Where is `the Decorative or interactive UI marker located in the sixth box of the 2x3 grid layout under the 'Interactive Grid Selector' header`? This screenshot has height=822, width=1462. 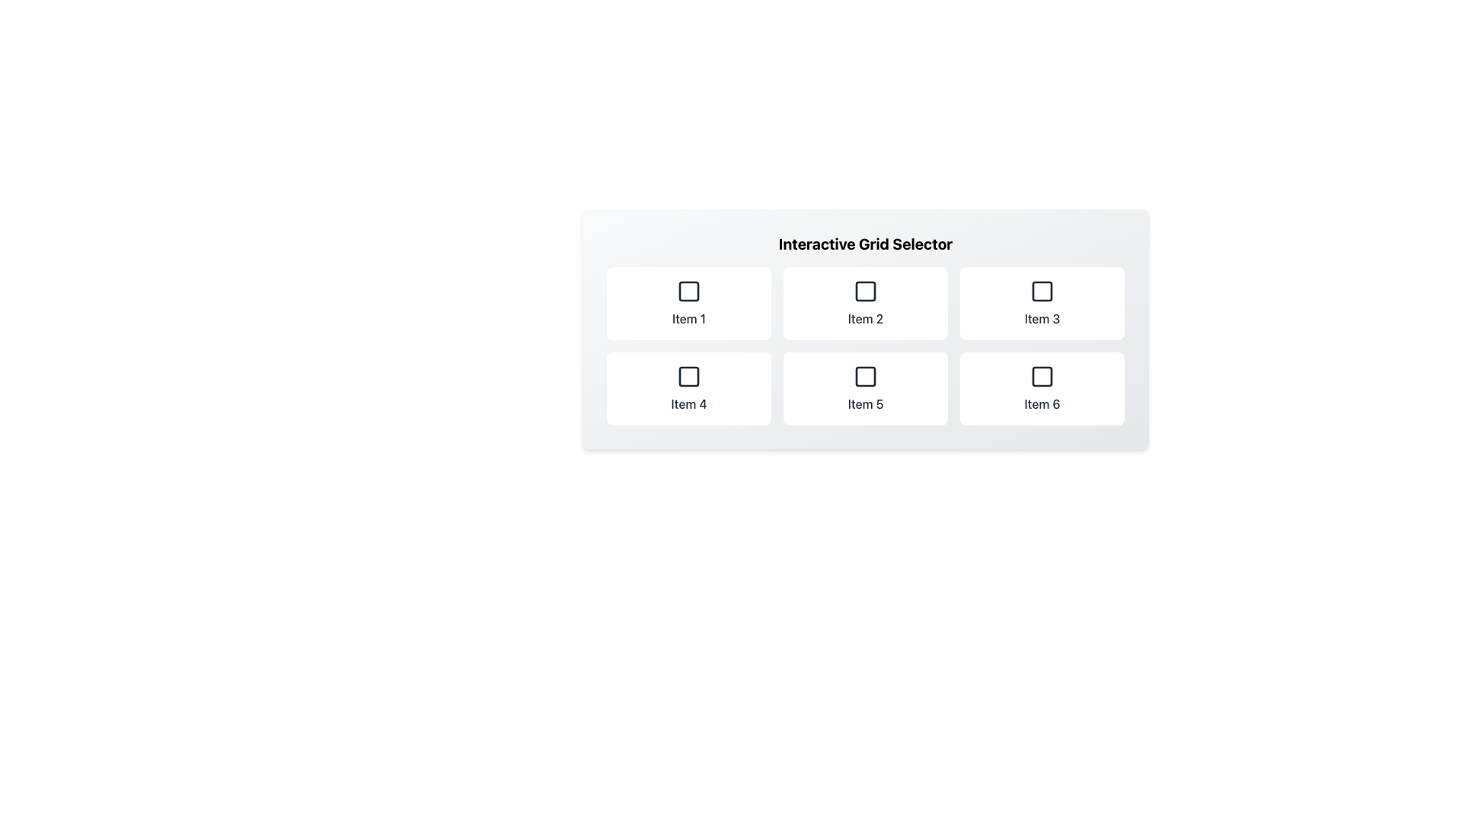 the Decorative or interactive UI marker located in the sixth box of the 2x3 grid layout under the 'Interactive Grid Selector' header is located at coordinates (1041, 376).